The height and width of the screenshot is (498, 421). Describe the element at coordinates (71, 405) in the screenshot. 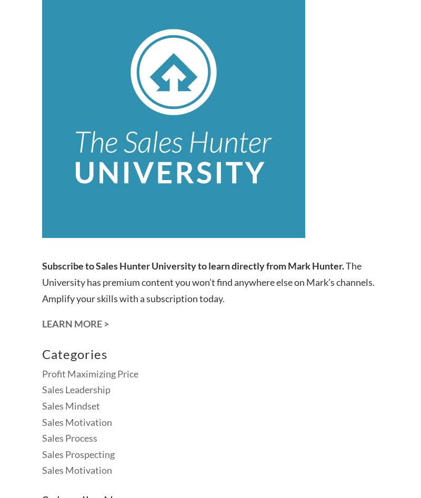

I see `'Sales Mindset'` at that location.